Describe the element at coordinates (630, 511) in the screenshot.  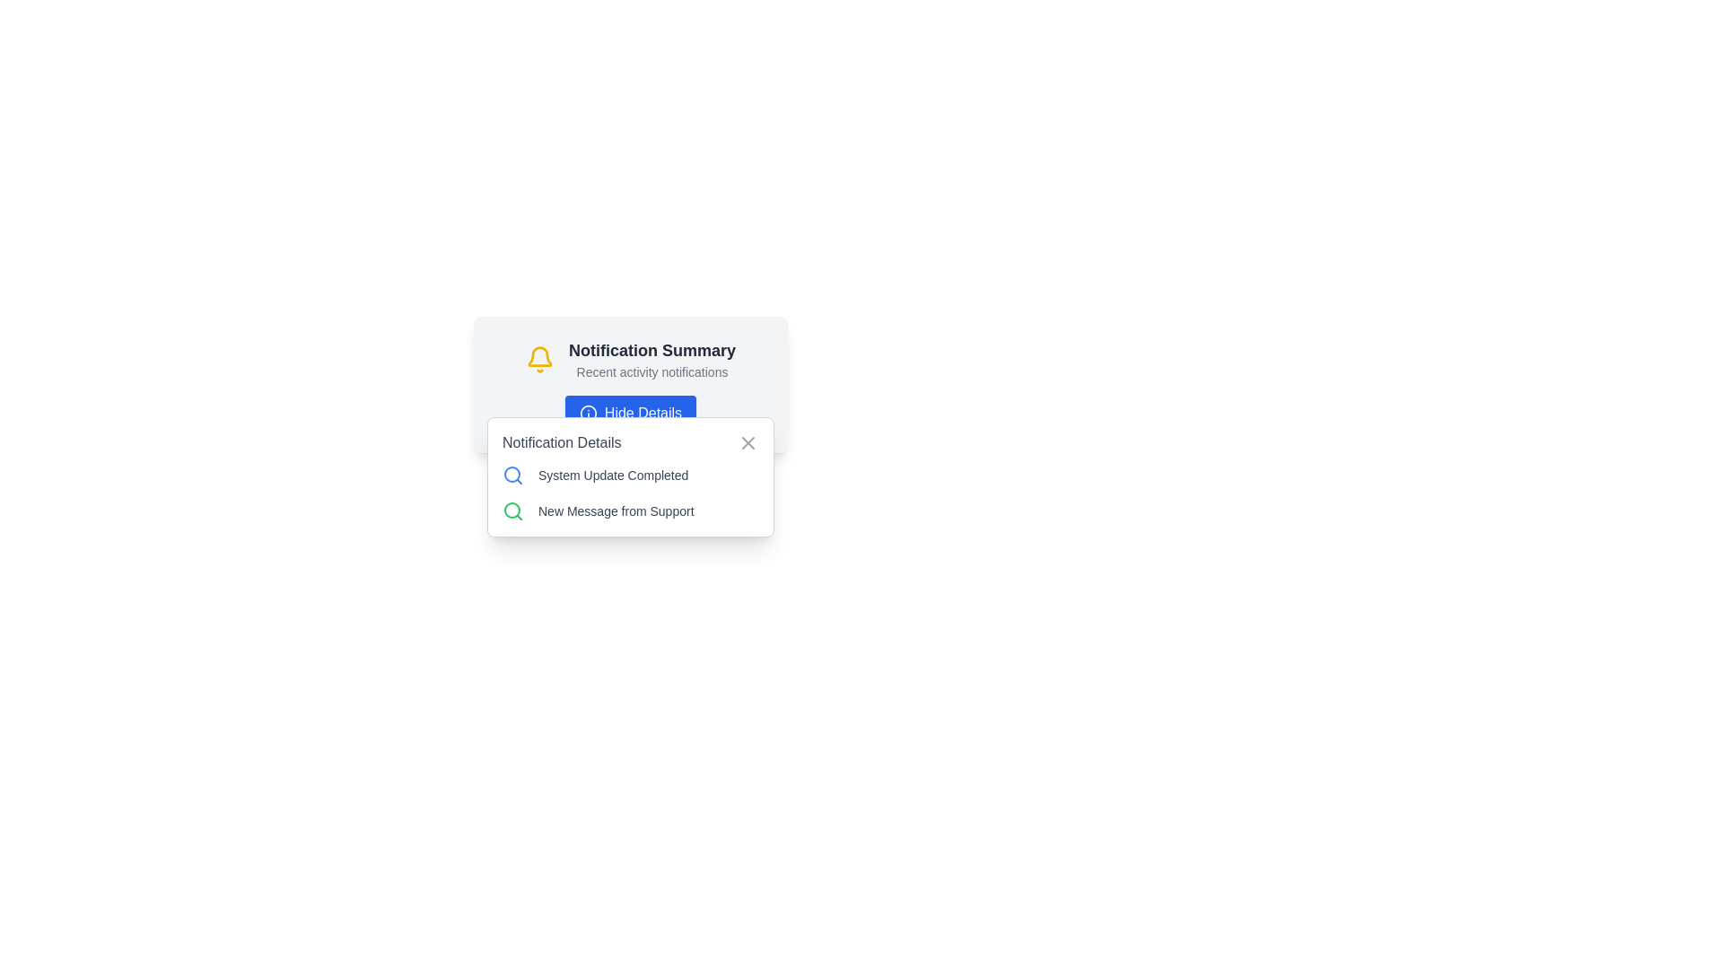
I see `the 'New Message from Support' notification entry, which is the second item in the 'Notification Details' box, located below 'System Update Completed'` at that location.